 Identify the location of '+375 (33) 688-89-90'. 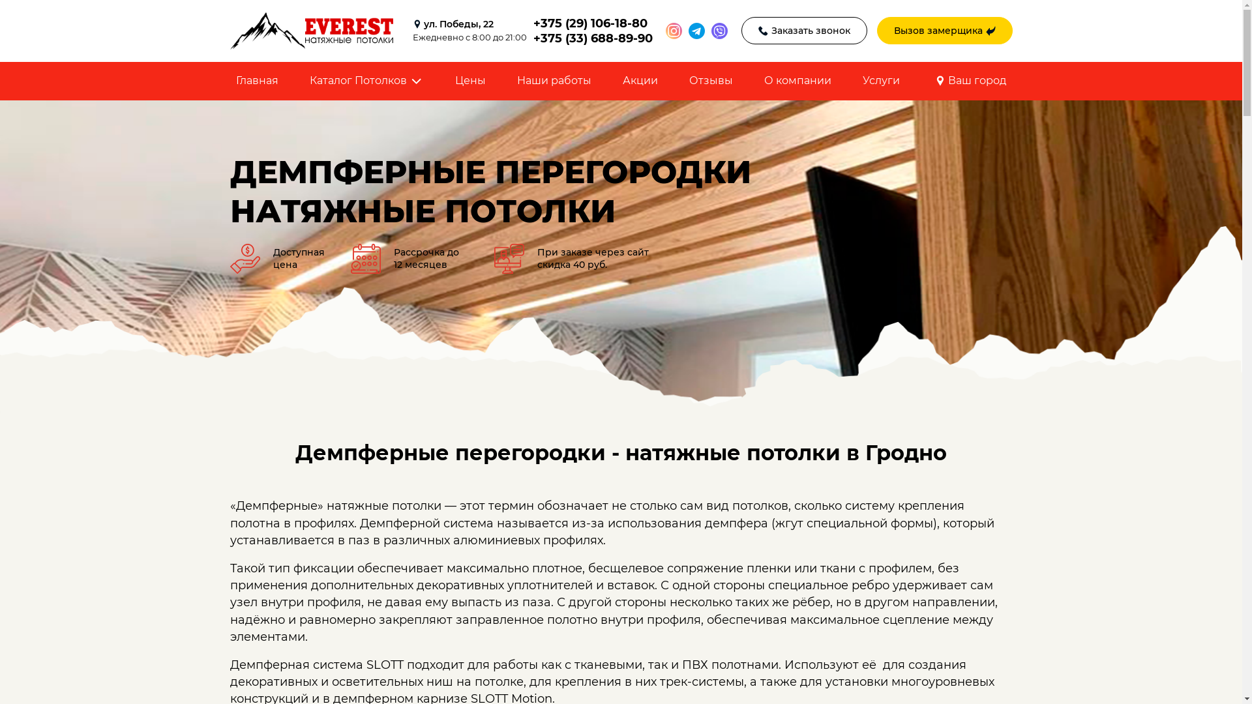
(592, 37).